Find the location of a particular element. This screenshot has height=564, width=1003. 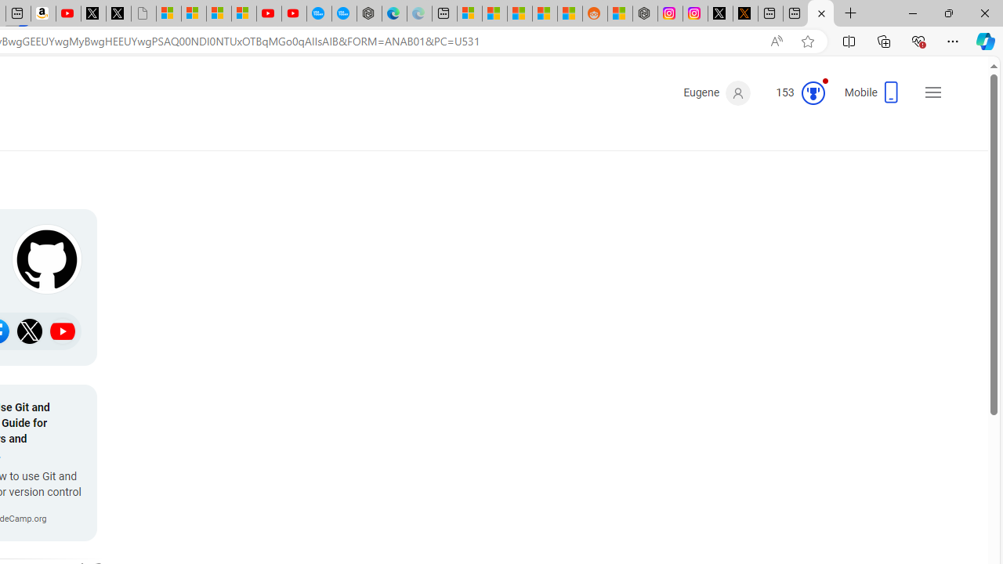

'Settings and quick links' is located at coordinates (933, 92).